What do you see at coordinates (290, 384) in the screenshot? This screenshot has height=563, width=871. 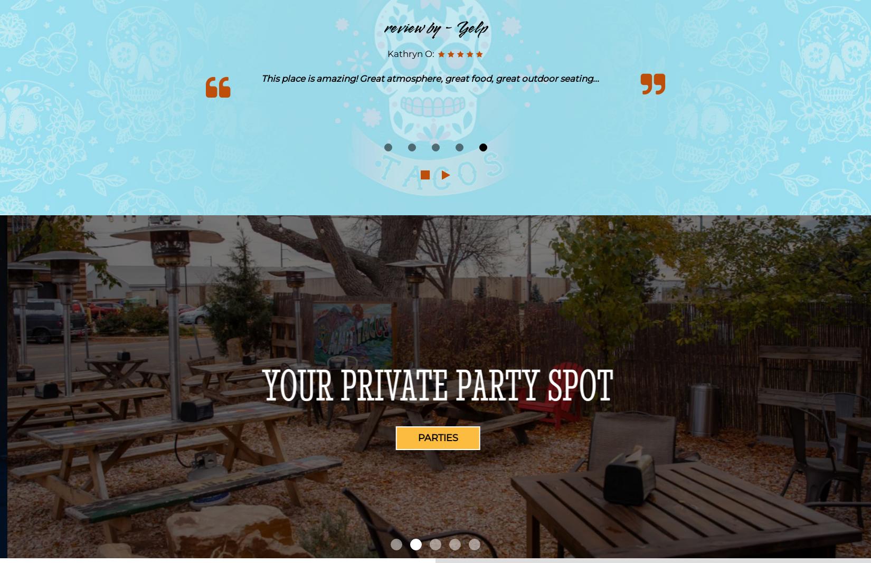 I see `'To taste is to enjoy'` at bounding box center [290, 384].